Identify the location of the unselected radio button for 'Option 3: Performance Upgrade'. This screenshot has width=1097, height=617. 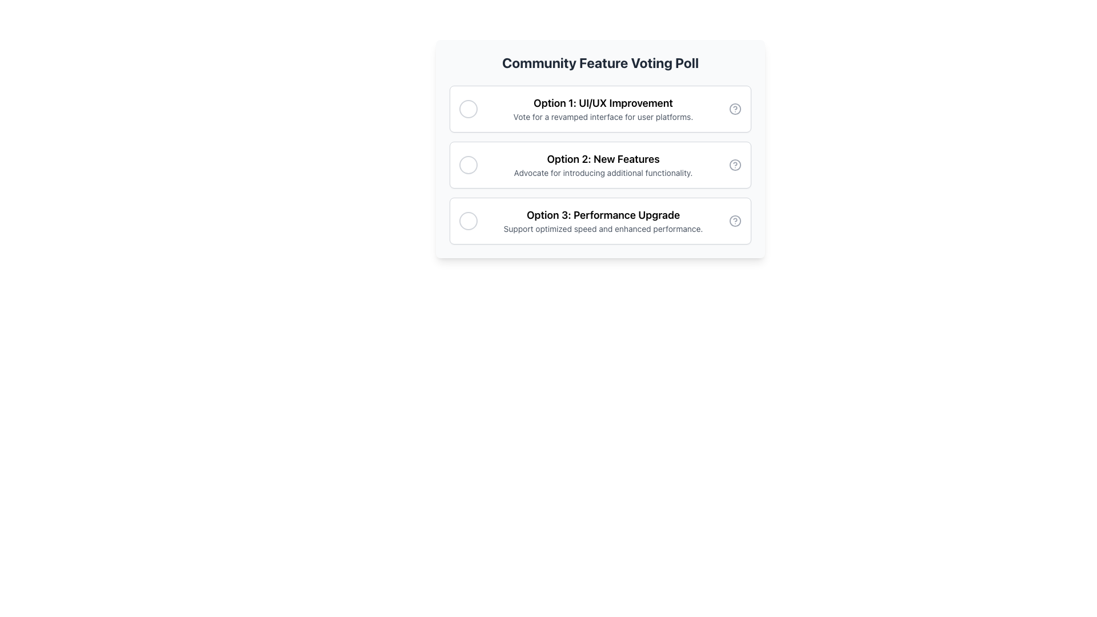
(469, 221).